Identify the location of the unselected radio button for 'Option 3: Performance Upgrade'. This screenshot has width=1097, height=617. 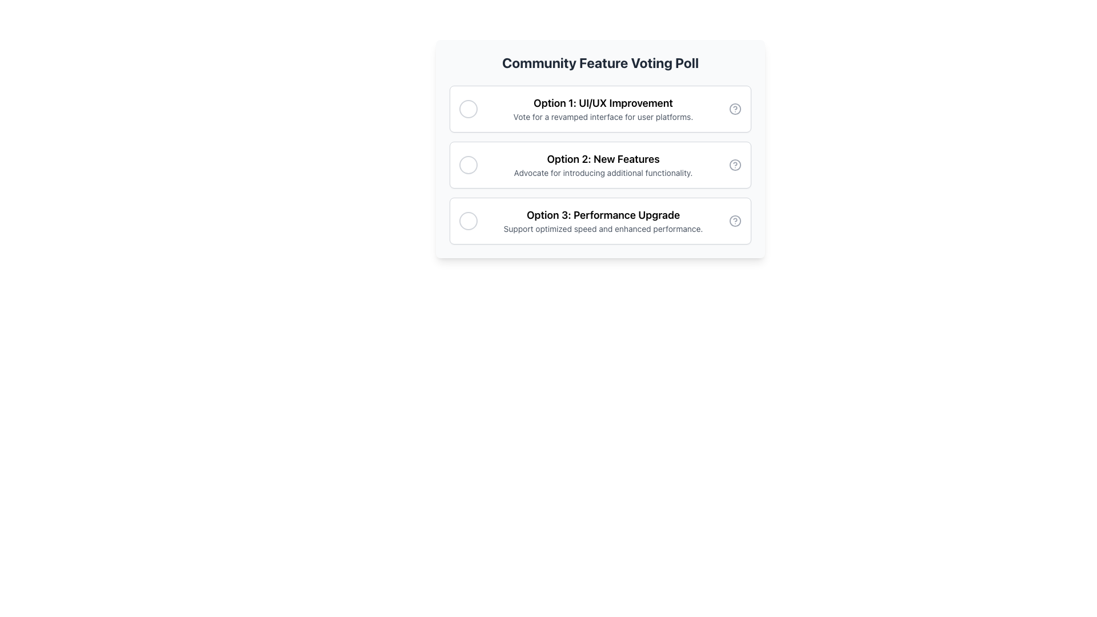
(469, 221).